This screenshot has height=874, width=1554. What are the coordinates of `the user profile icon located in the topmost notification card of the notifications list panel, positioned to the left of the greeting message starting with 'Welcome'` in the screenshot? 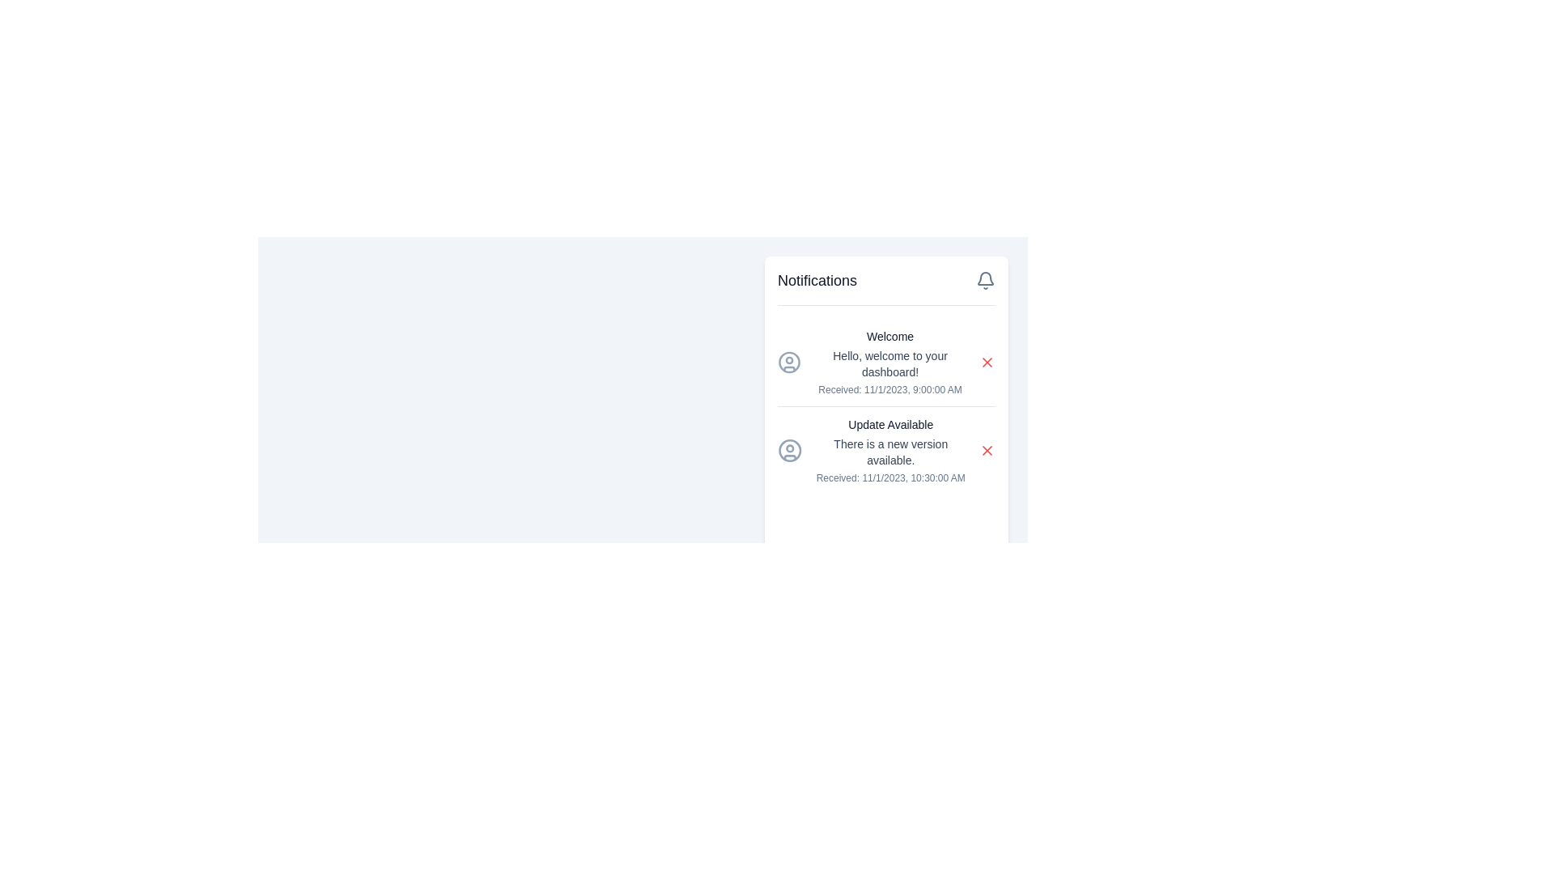 It's located at (789, 361).